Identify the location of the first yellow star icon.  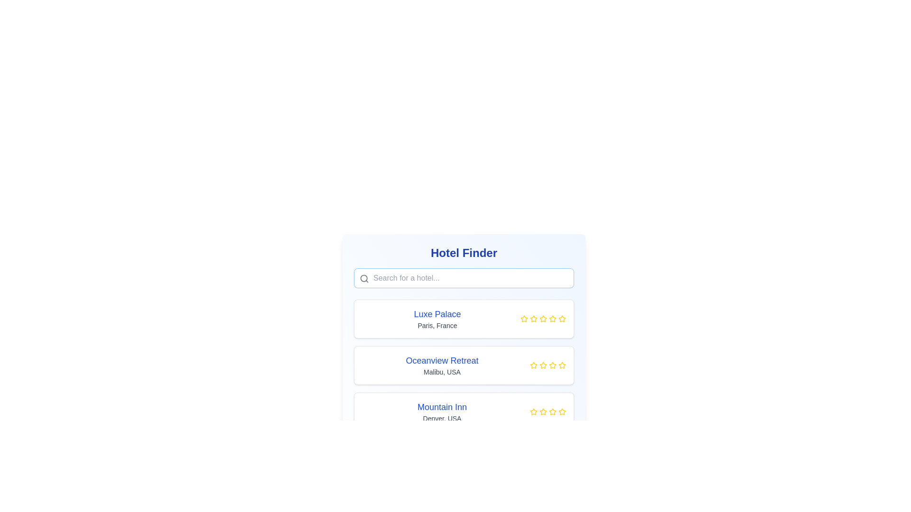
(533, 365).